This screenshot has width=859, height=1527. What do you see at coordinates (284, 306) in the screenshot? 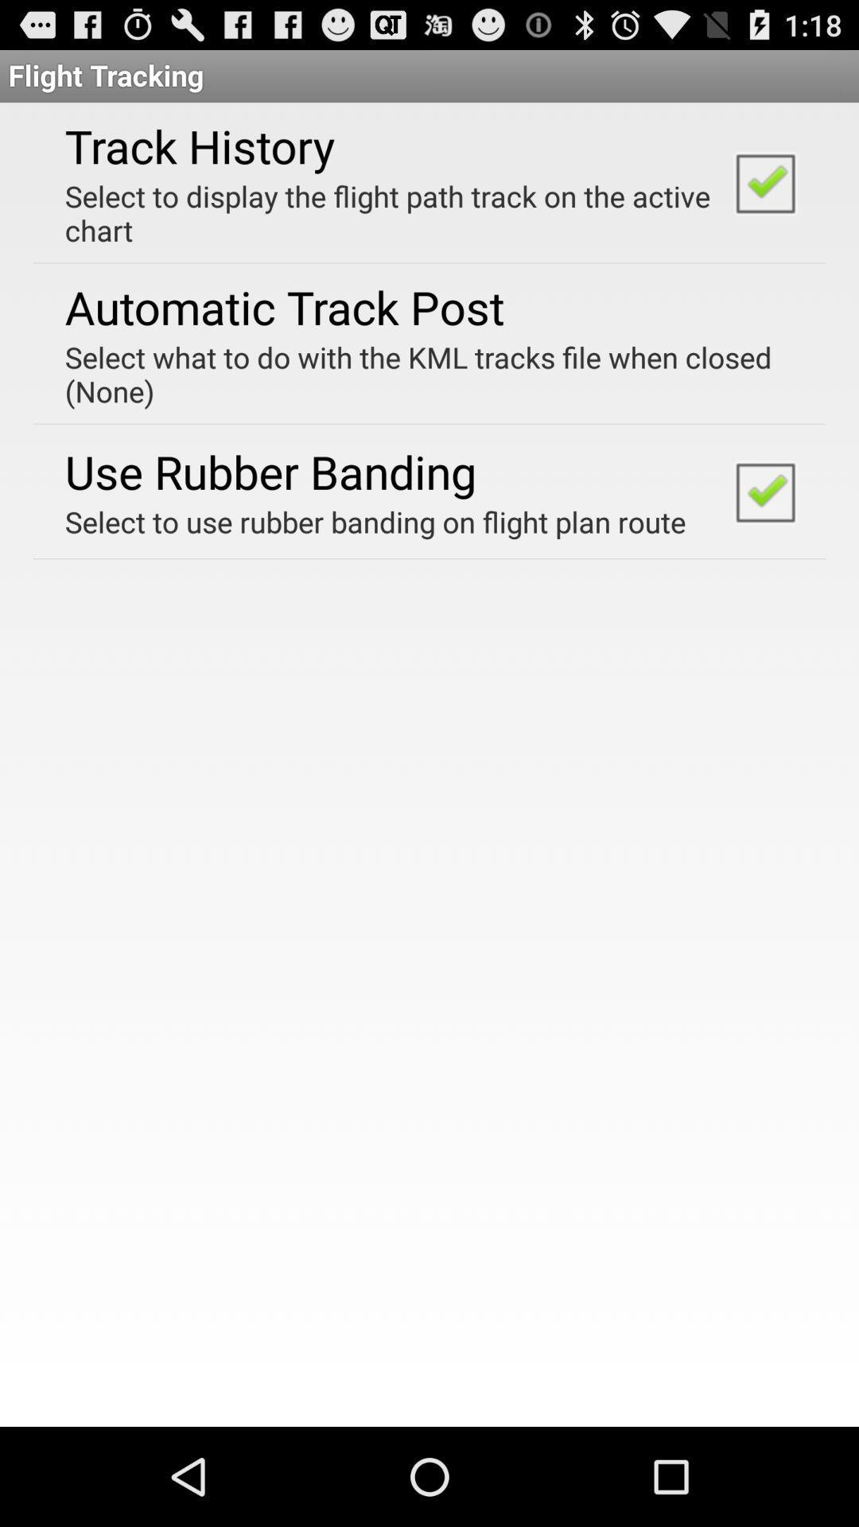
I see `the item above the select what to` at bounding box center [284, 306].